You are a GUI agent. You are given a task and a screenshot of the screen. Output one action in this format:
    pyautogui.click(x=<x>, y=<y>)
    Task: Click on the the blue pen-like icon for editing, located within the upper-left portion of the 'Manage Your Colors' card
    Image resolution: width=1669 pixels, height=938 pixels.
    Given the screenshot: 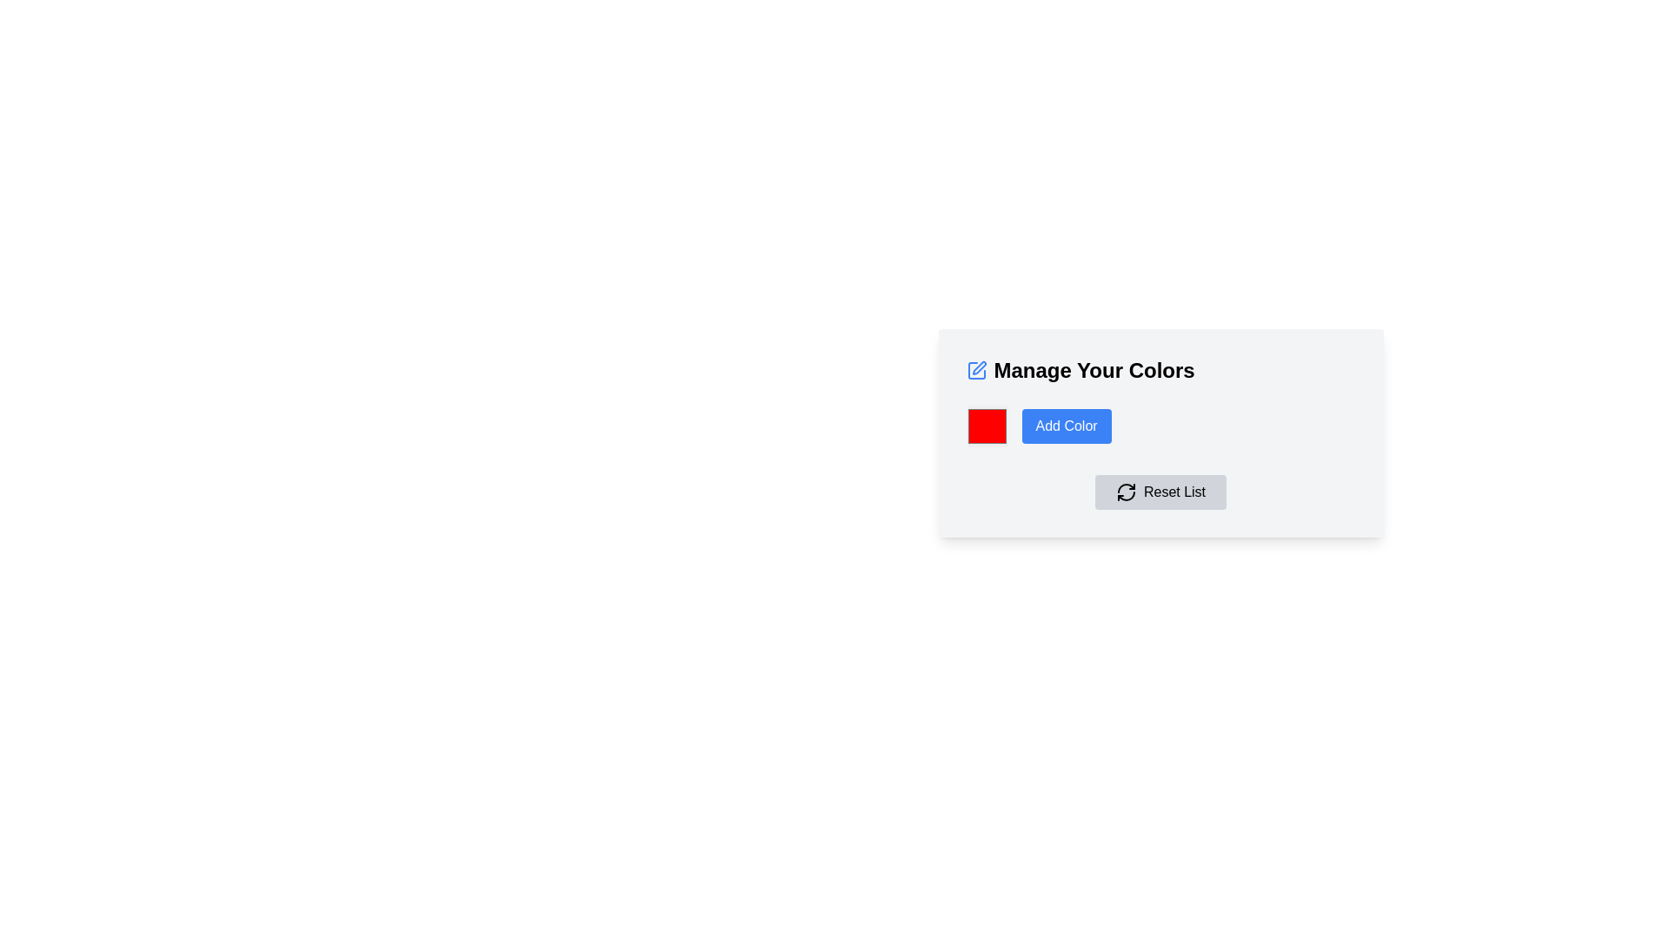 What is the action you would take?
    pyautogui.click(x=979, y=367)
    